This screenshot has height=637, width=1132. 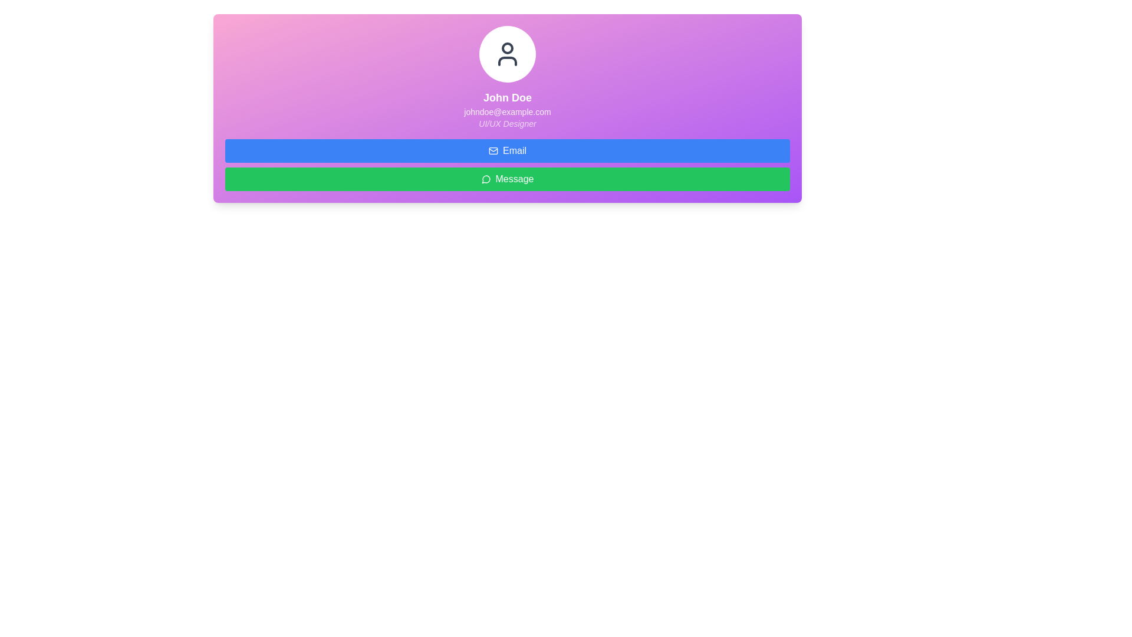 What do you see at coordinates (507, 179) in the screenshot?
I see `the green 'Message' button with a speech bubble icon to trigger the tooltip or animation` at bounding box center [507, 179].